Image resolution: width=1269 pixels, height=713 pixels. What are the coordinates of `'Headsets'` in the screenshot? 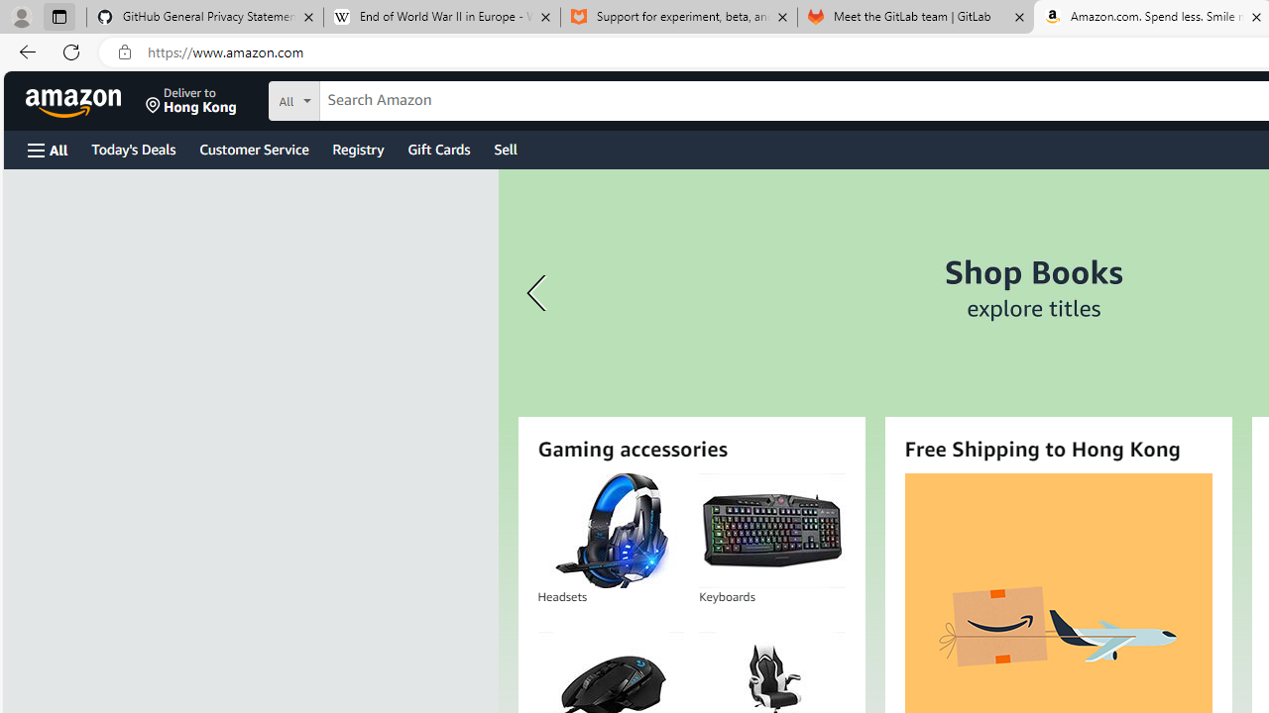 It's located at (610, 530).